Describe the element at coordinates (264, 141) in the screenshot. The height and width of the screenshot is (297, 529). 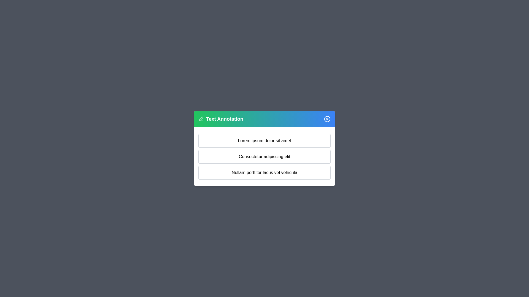
I see `the text block Lorem ipsum dolor sit amet for annotation` at that location.